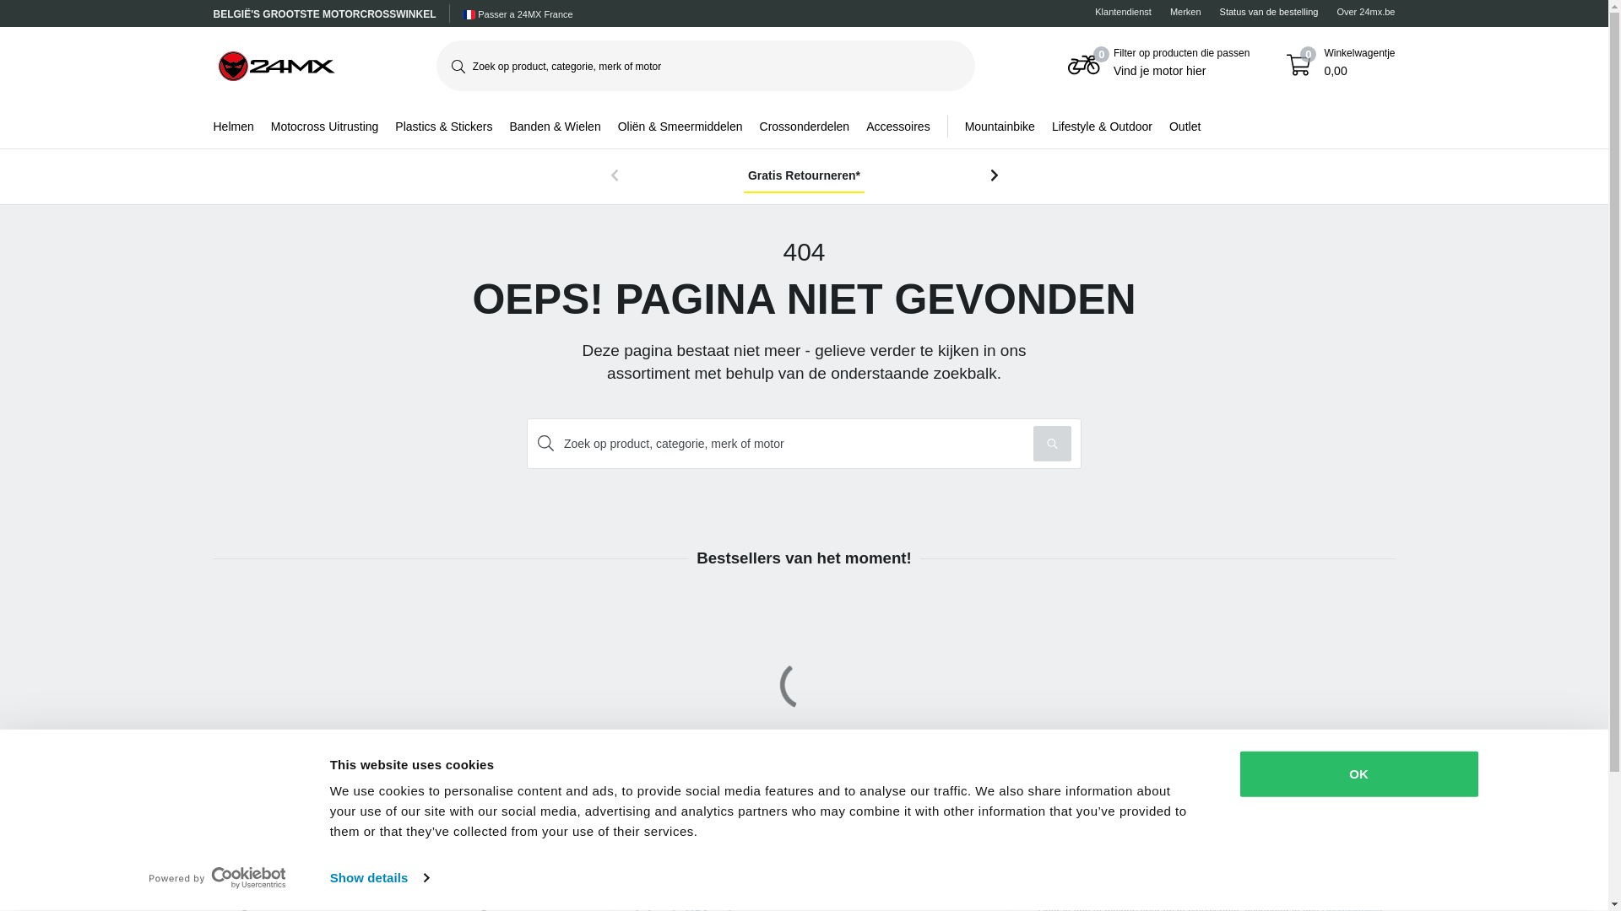  I want to click on 'Plastics & Stickers', so click(393, 126).